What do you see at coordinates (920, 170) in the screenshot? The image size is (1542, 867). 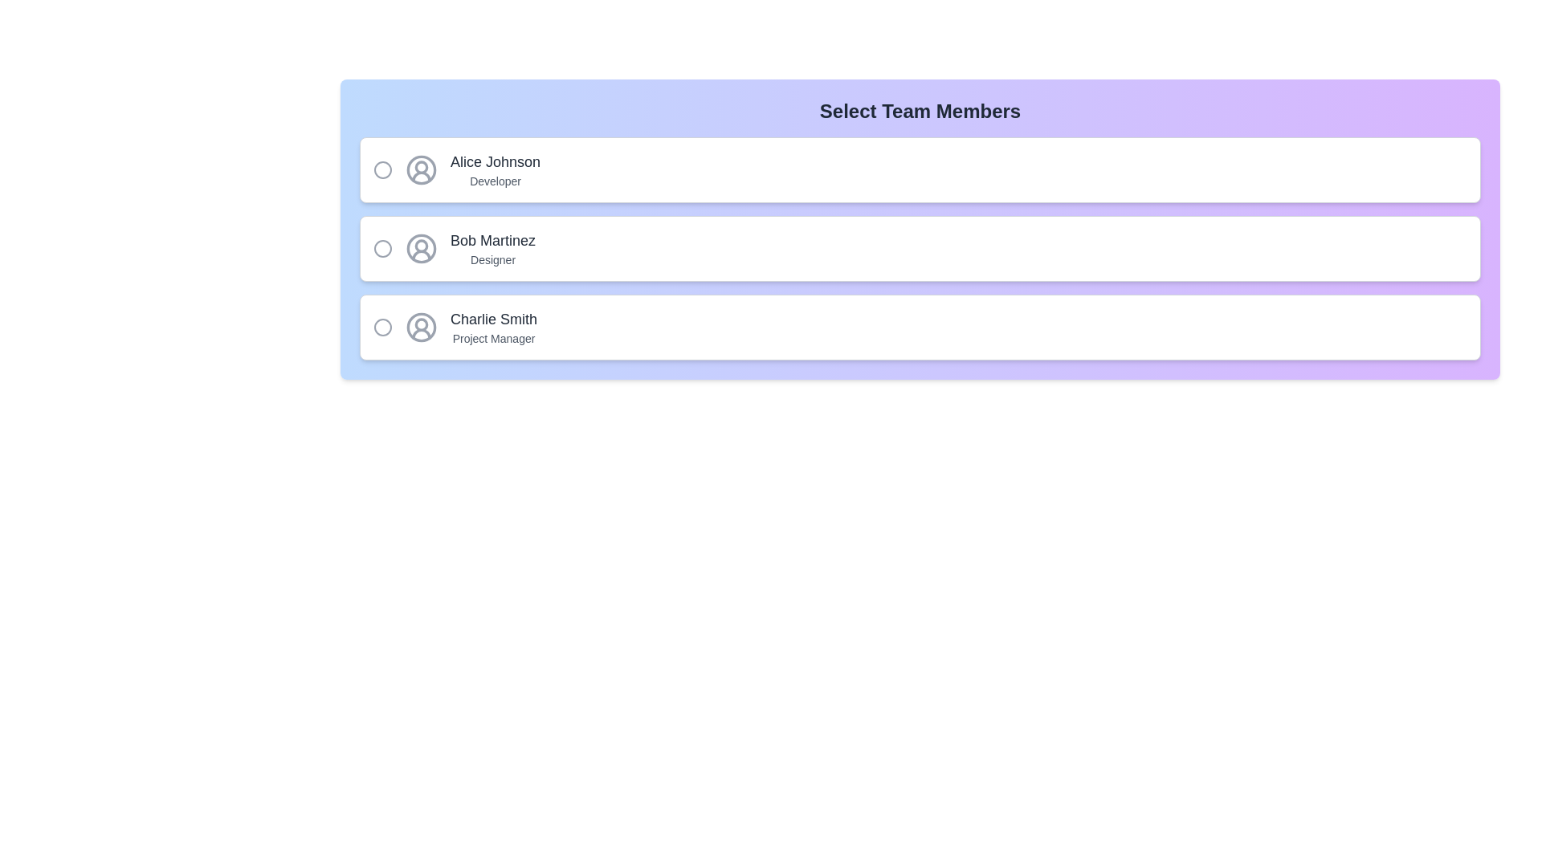 I see `the selectable user profile for Alice Johnson, which is the first item in the list of team members` at bounding box center [920, 170].